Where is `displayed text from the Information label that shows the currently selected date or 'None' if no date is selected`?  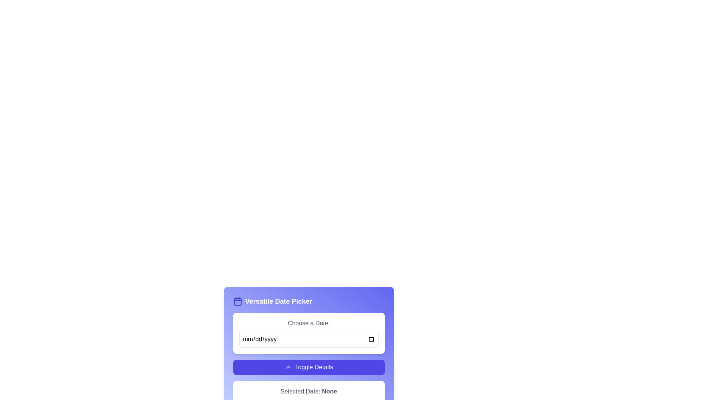
displayed text from the Information label that shows the currently selected date or 'None' if no date is selected is located at coordinates (309, 391).